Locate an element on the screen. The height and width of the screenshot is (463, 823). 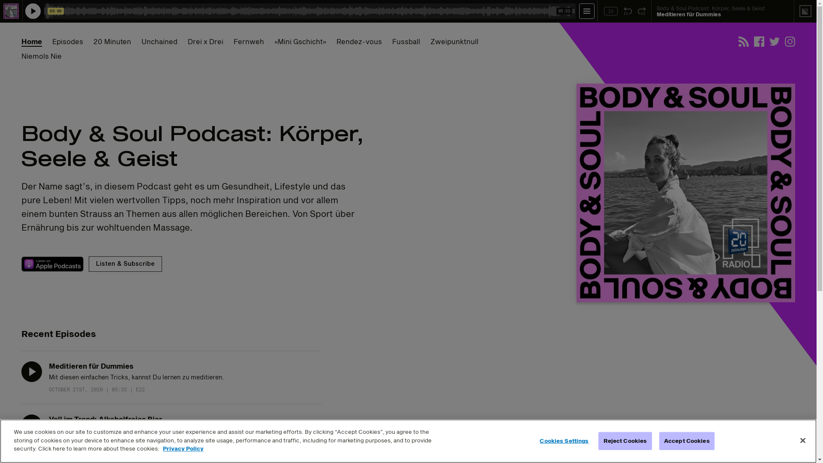
'Listen & Subscribe' is located at coordinates (125, 264).